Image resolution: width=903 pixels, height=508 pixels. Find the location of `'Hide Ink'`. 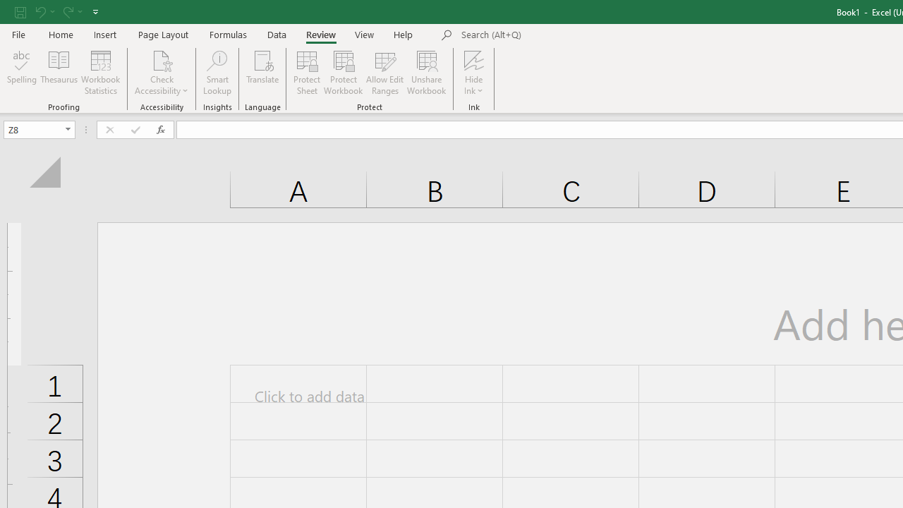

'Hide Ink' is located at coordinates (474, 59).